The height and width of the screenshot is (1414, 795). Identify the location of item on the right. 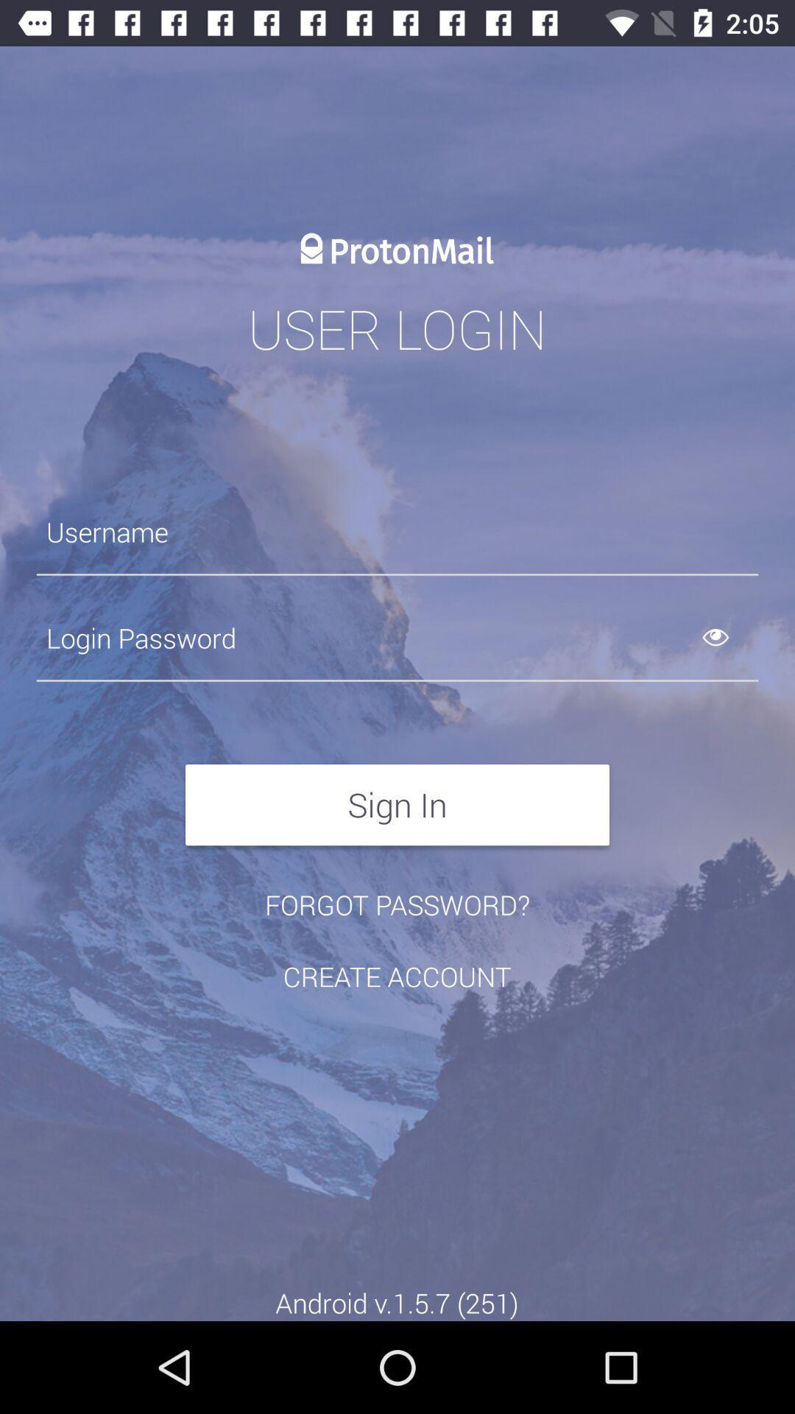
(732, 638).